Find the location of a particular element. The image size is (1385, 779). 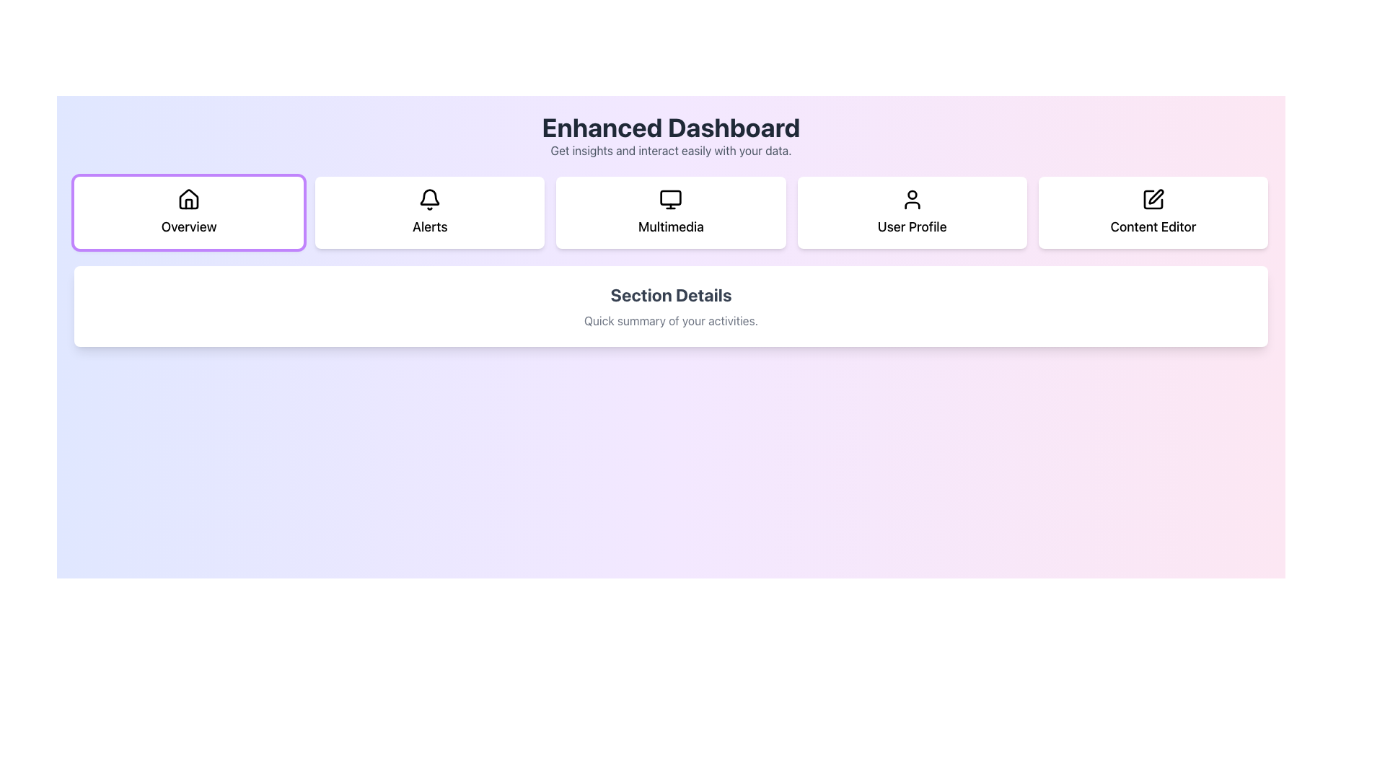

the minimalistic pen icon located at the center of the 'Content Editor' button in the navigation menu is located at coordinates (1152, 200).